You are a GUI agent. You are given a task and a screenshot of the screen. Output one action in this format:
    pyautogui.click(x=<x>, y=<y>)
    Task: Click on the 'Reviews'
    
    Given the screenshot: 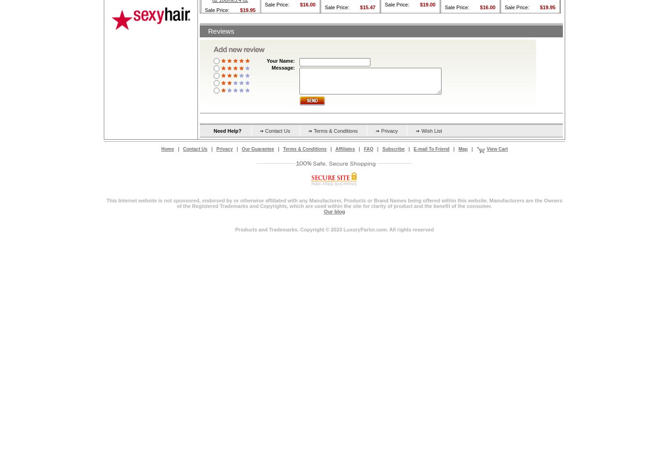 What is the action you would take?
    pyautogui.click(x=220, y=30)
    